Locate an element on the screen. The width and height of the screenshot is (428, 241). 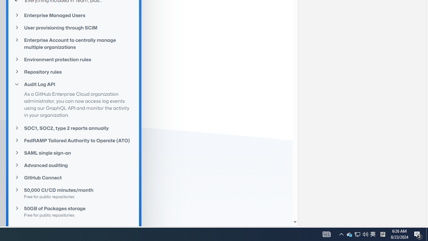
'SAML single sign-on' is located at coordinates (74, 153).